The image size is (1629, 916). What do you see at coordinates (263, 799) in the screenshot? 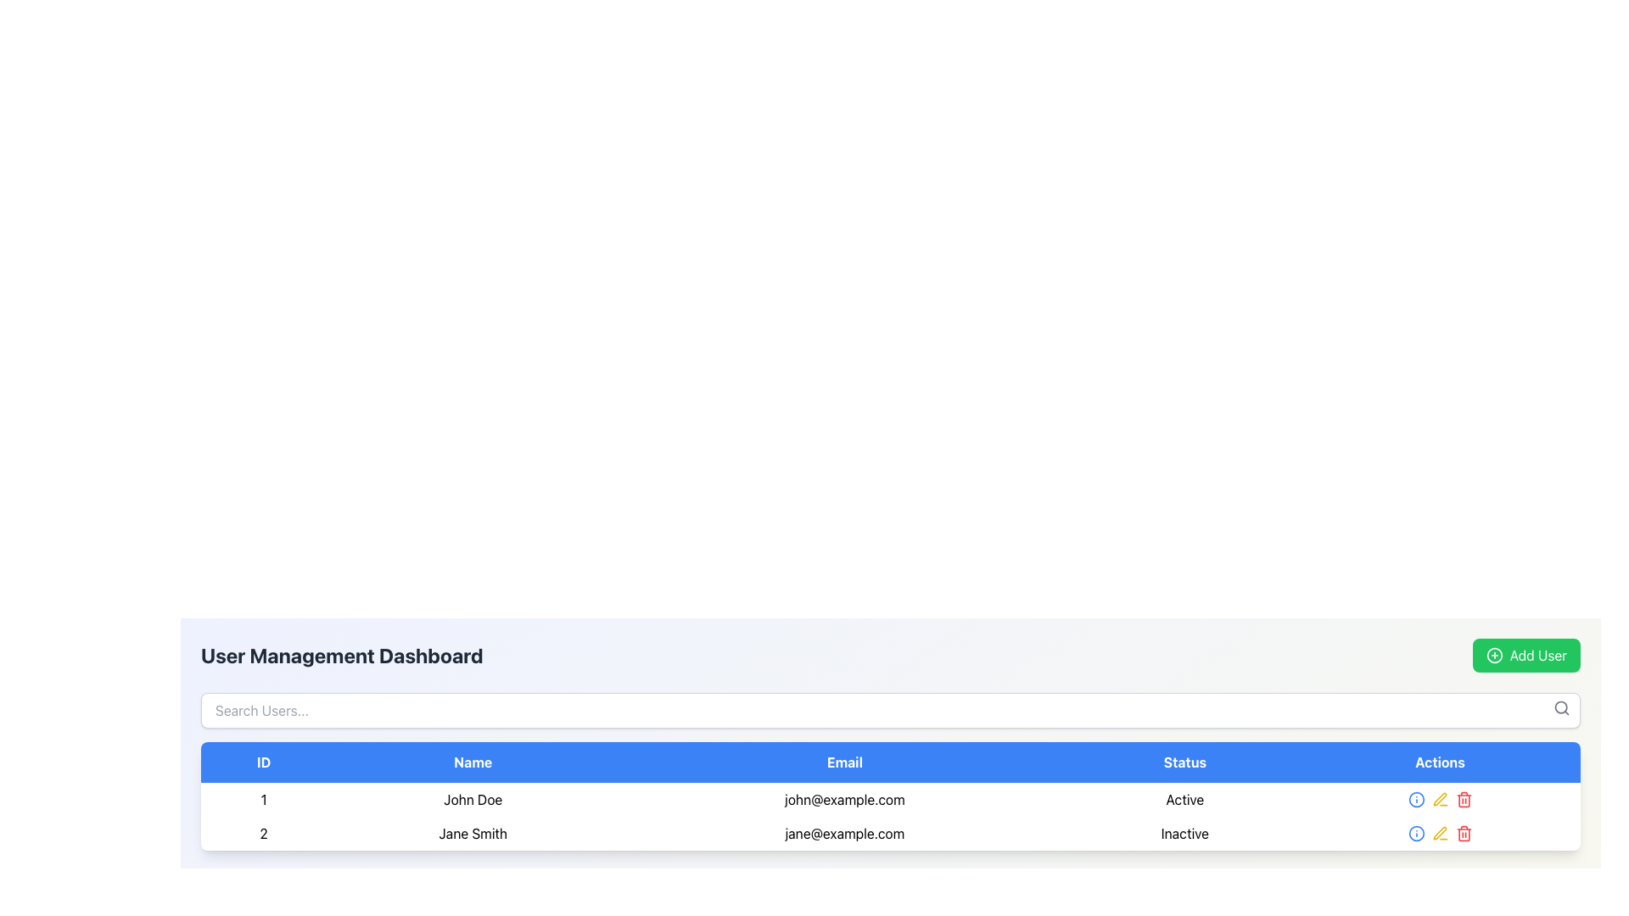
I see `the Text label that serves as a unique identifier for the user record in the table under the 'ID' column, corresponding to 'John Doe'` at bounding box center [263, 799].